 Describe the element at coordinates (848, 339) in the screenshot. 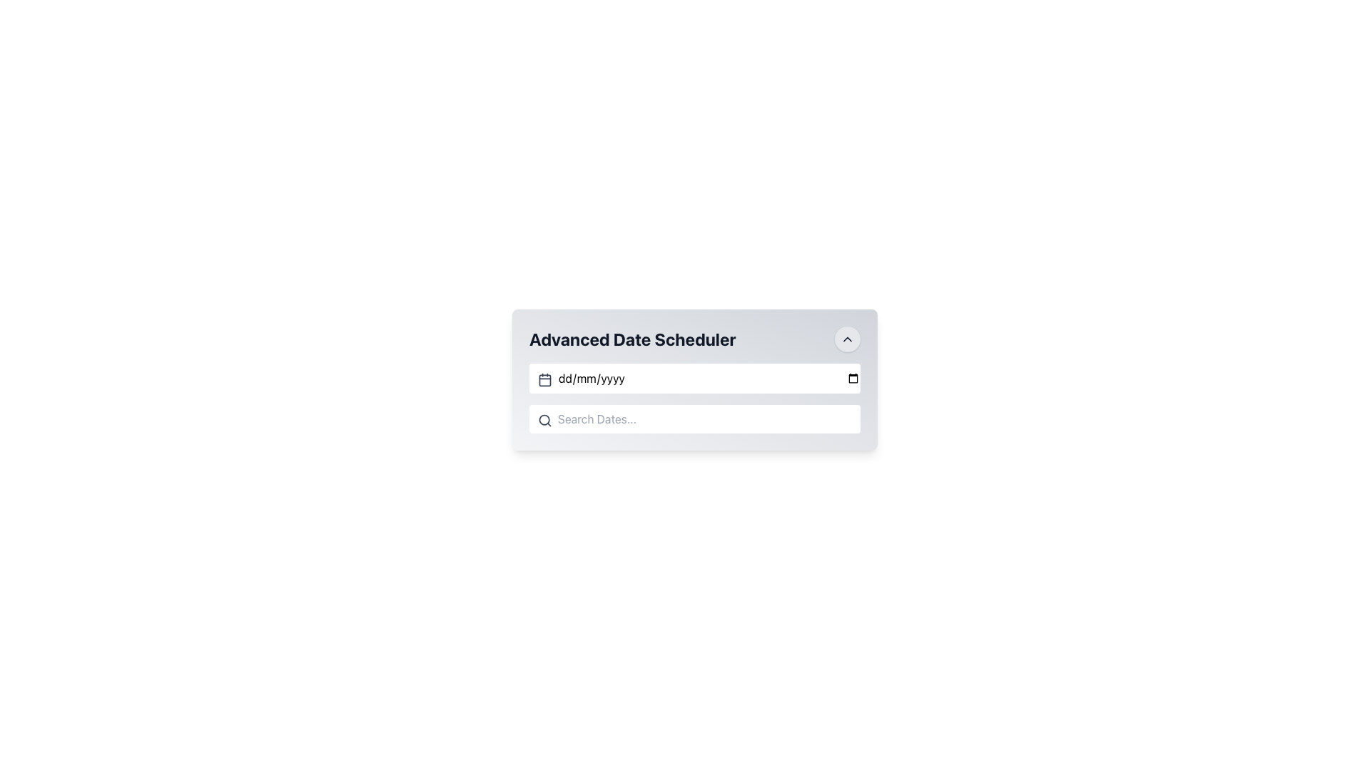

I see `the upwards-facing chevron icon within the circular button located at the top-right corner of the 'Advanced Date Scheduler' card` at that location.